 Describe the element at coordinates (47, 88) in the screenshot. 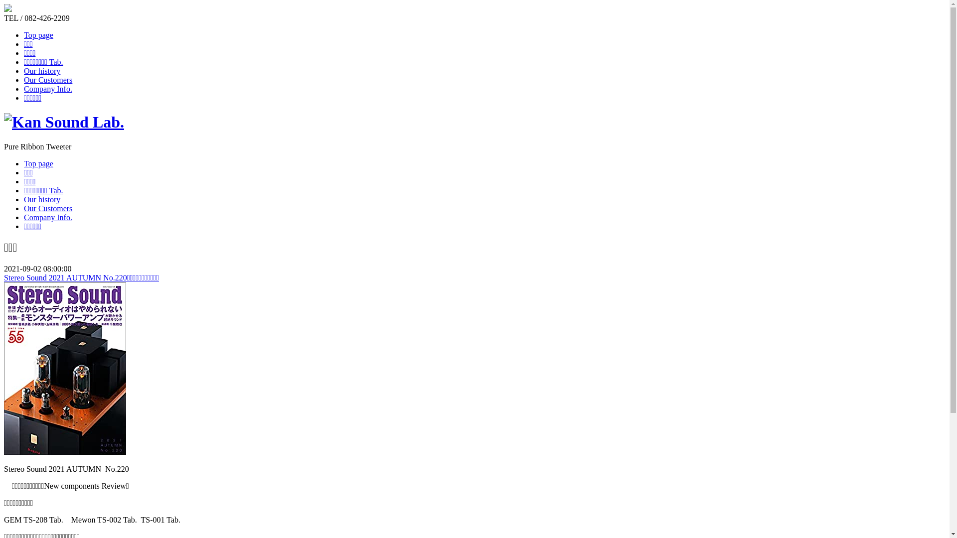

I see `'Company Info.'` at that location.